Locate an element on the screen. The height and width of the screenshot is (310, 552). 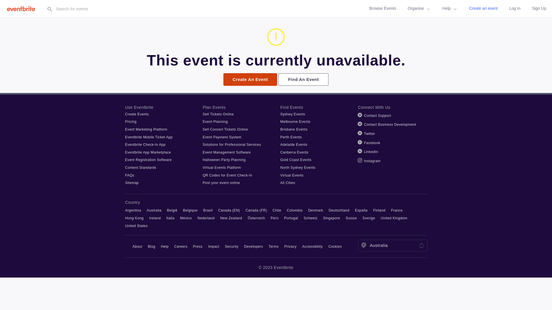
'Gold Coast Events' is located at coordinates (296, 160).